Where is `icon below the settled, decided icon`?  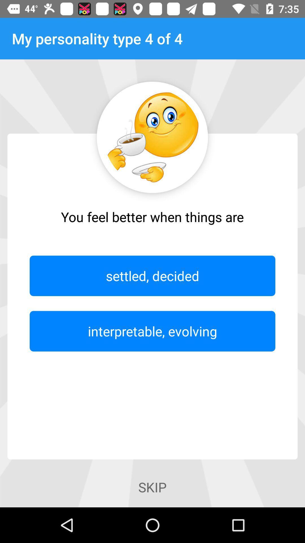
icon below the settled, decided icon is located at coordinates (152, 331).